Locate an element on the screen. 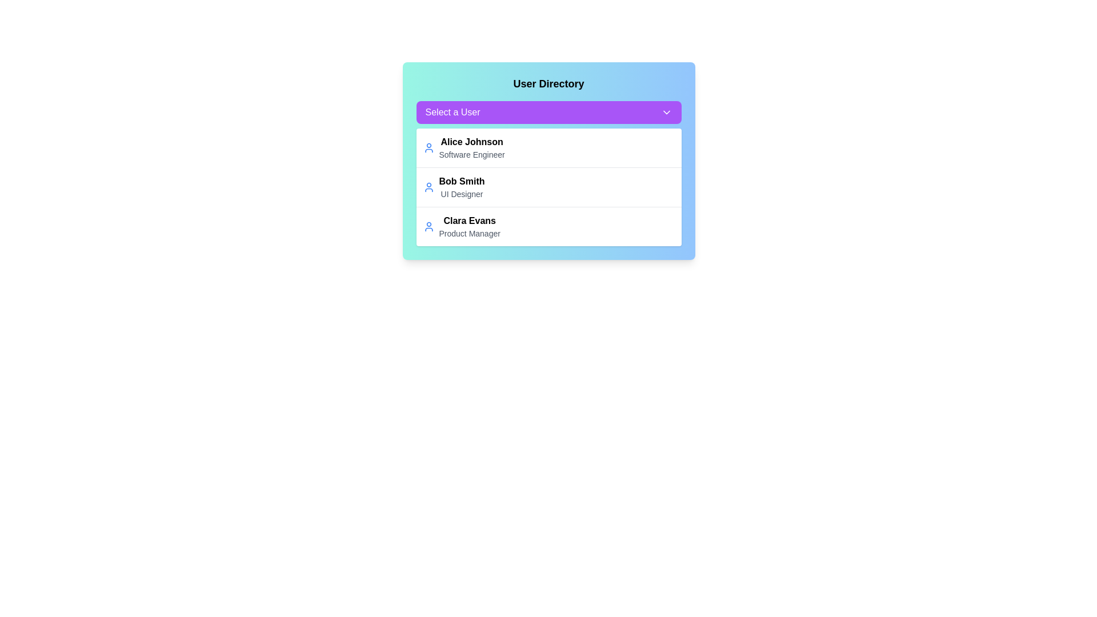 Image resolution: width=1097 pixels, height=617 pixels. the Label displaying the user's name and title, located in the topmost user entry row to the right of the blue user icon is located at coordinates (472, 147).